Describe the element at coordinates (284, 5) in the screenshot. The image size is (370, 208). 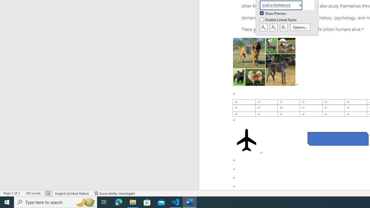
I see `'Subtle Reference'` at that location.